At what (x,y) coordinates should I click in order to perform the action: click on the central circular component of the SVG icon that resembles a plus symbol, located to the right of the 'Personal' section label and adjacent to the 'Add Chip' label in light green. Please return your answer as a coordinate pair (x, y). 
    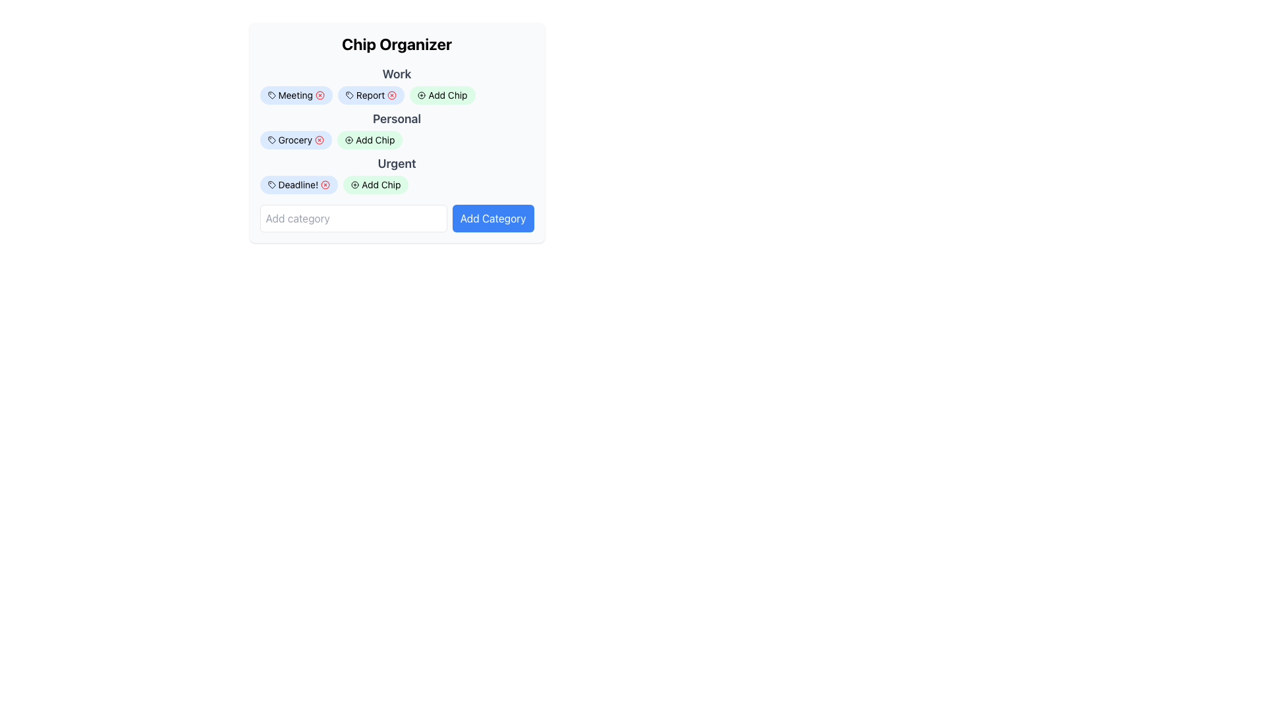
    Looking at the image, I should click on (349, 140).